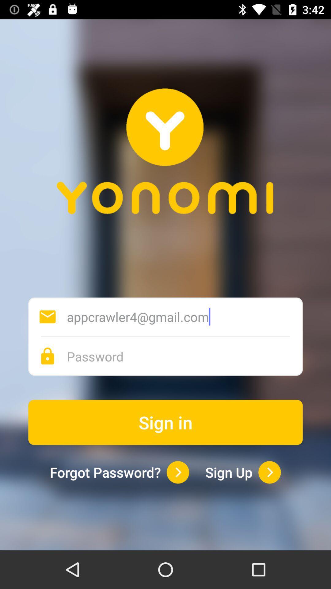 This screenshot has width=331, height=589. What do you see at coordinates (269, 472) in the screenshot?
I see `sign up` at bounding box center [269, 472].